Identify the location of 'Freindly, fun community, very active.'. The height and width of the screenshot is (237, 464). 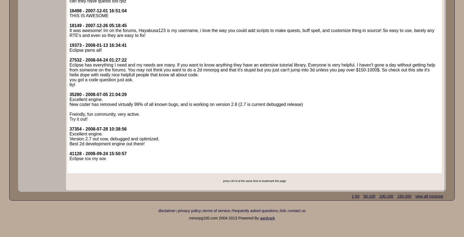
(104, 114).